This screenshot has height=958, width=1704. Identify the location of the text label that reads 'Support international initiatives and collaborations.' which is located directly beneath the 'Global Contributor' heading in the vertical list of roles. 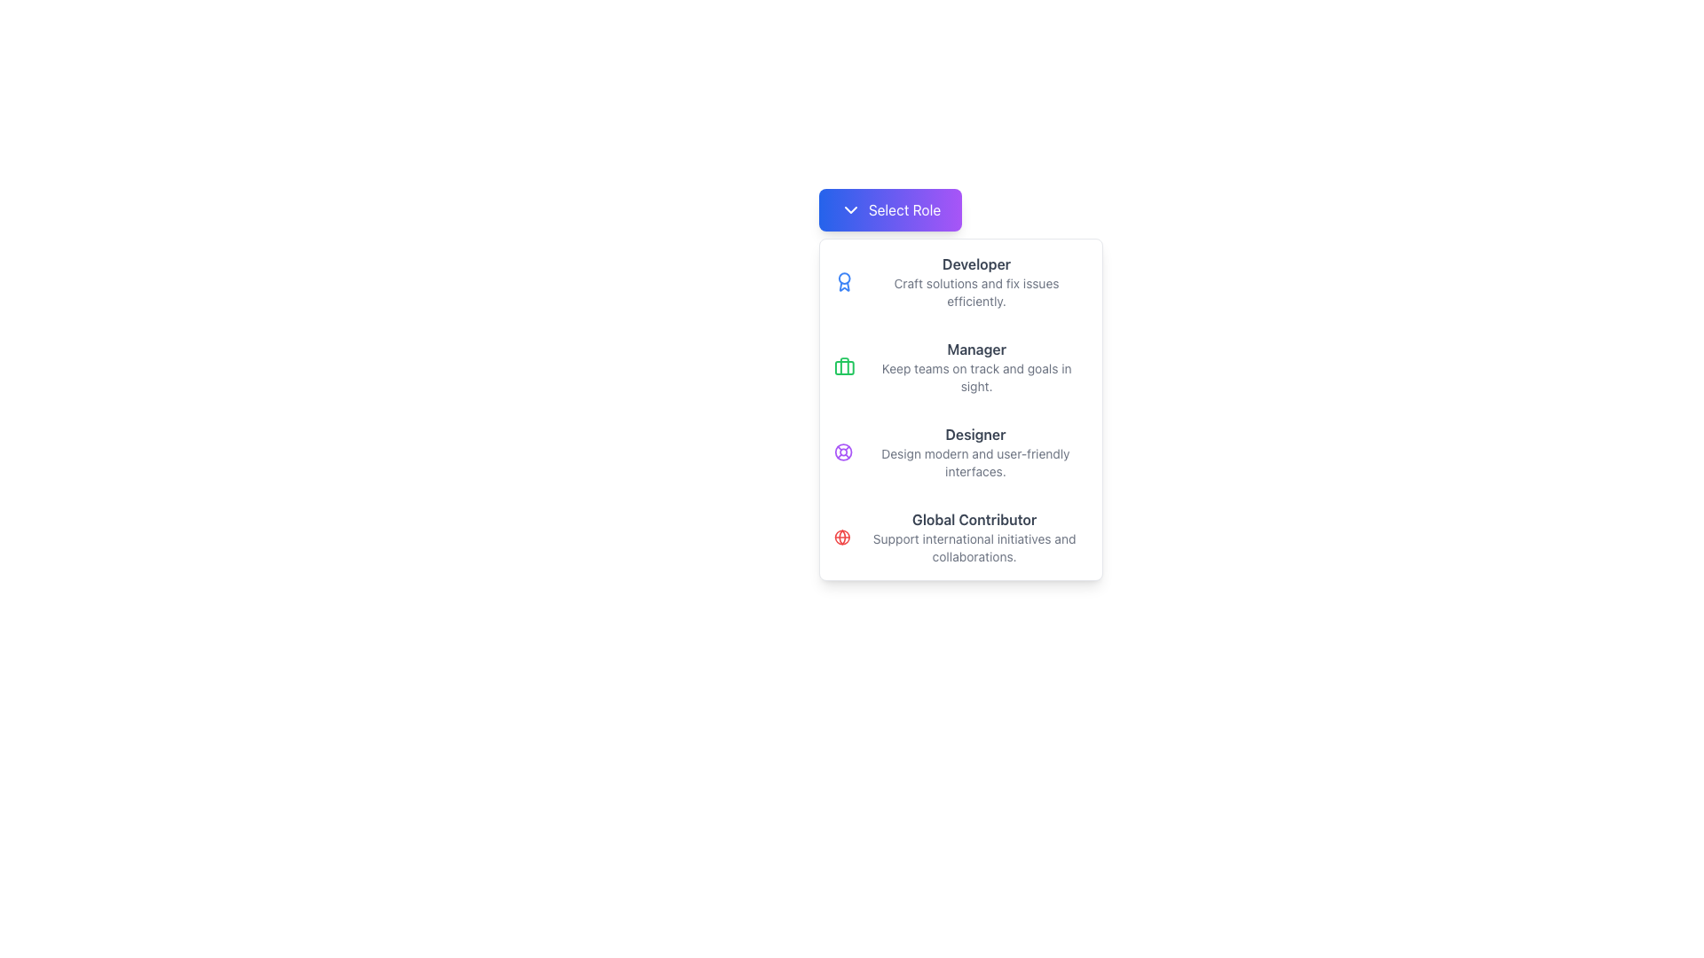
(974, 546).